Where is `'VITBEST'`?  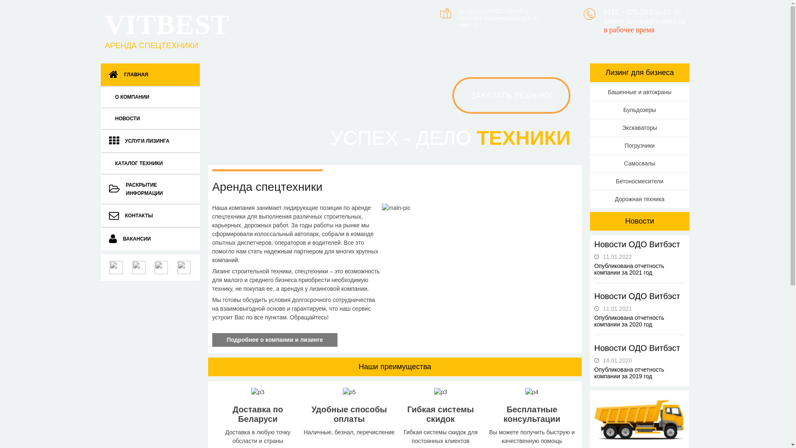
'VITBEST' is located at coordinates (167, 24).